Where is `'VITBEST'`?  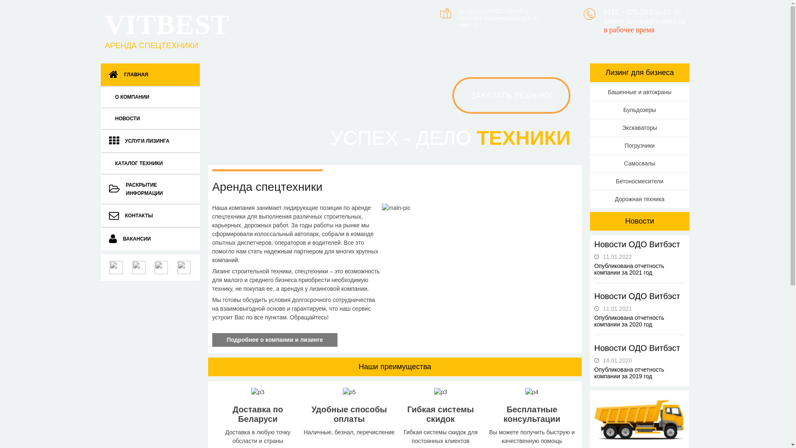
'VITBEST' is located at coordinates (167, 24).